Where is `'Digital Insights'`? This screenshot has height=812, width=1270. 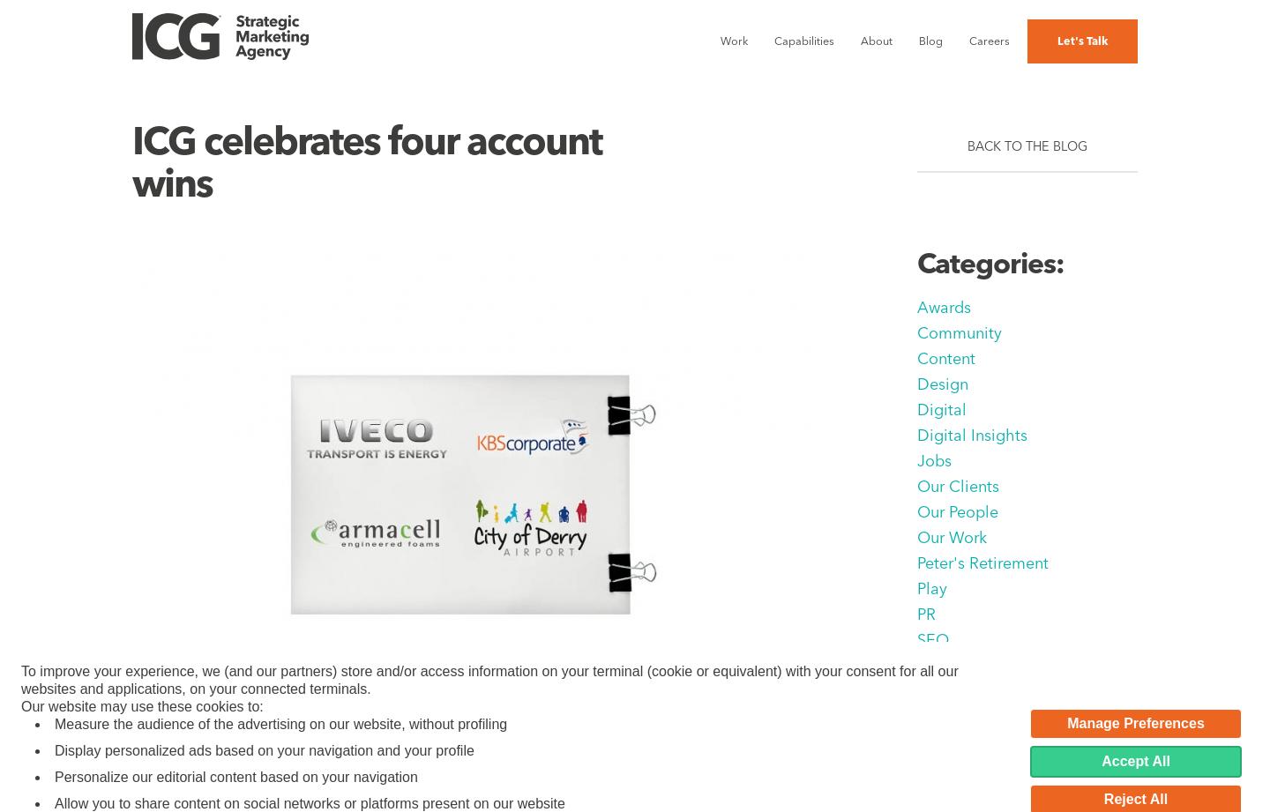 'Digital Insights' is located at coordinates (971, 435).